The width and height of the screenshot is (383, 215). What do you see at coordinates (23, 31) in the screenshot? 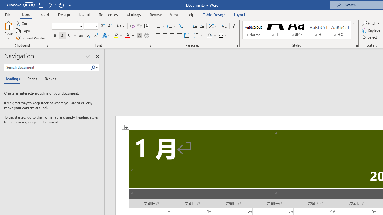
I see `'Copy'` at bounding box center [23, 31].